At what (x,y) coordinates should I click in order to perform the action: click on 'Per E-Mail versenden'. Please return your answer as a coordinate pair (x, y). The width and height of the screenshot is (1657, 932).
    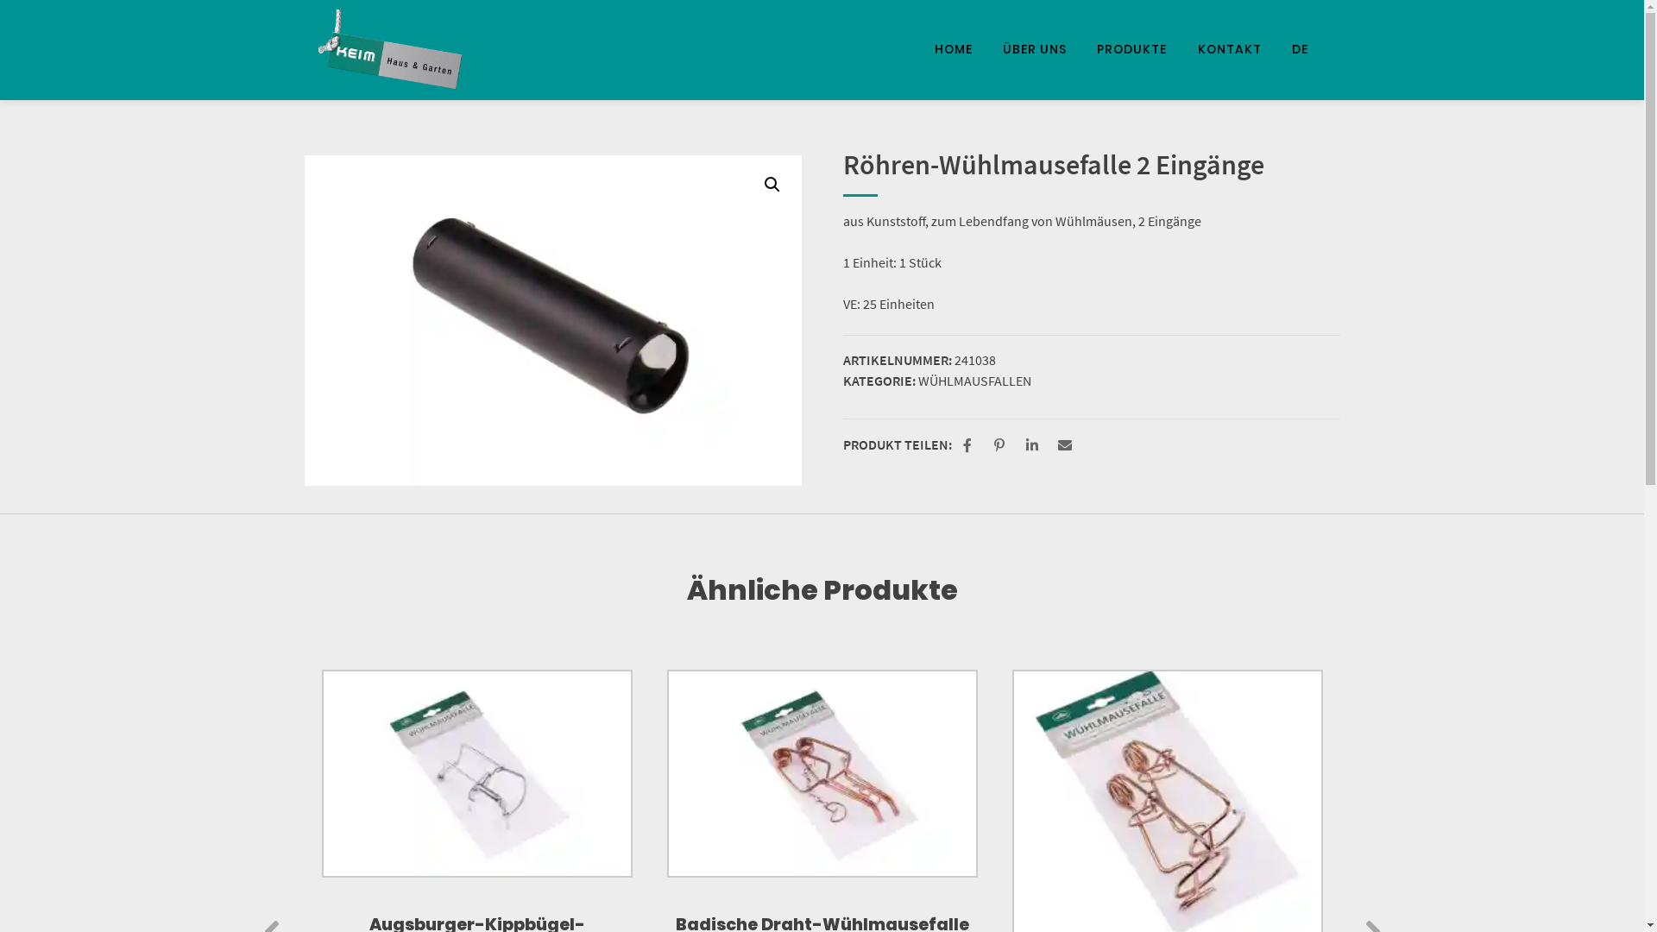
    Looking at the image, I should click on (1066, 444).